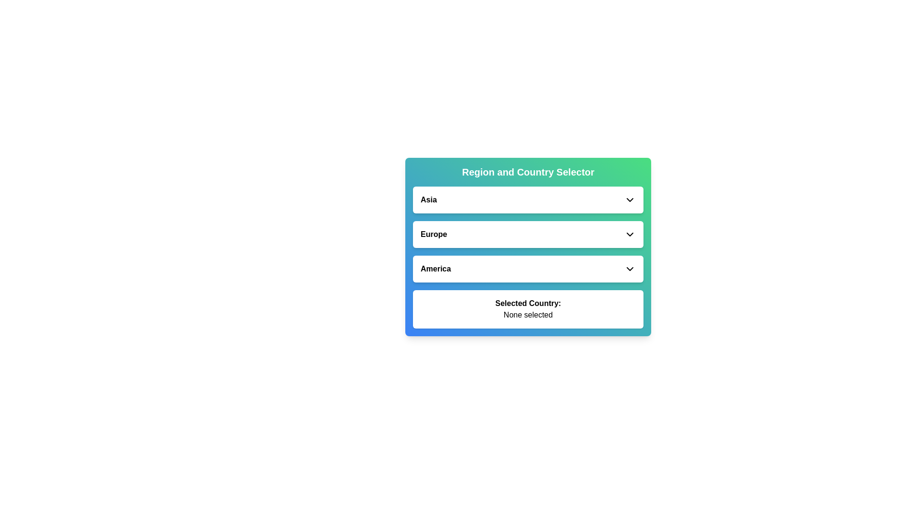 This screenshot has width=922, height=518. Describe the element at coordinates (527, 235) in the screenshot. I see `the 'Europe' option in the dropdown menu located in the 'Region and Country Selector'` at that location.